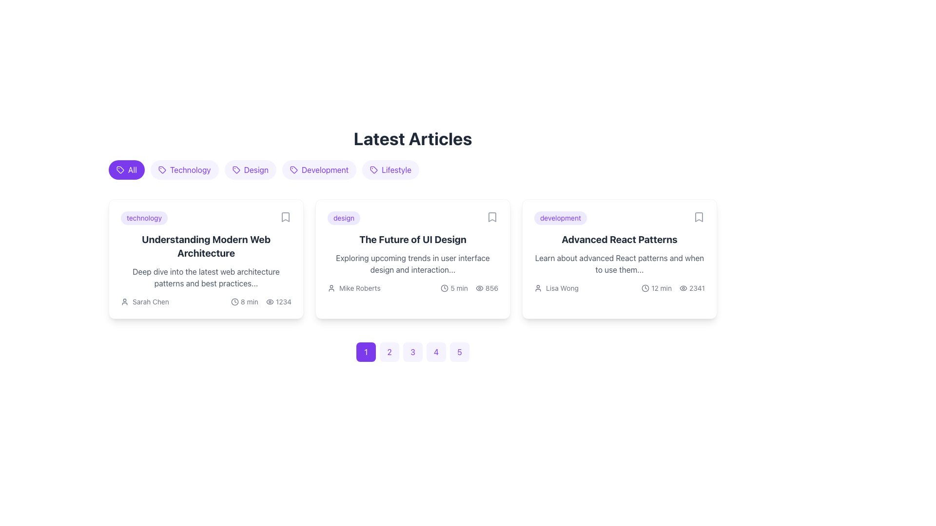  I want to click on the circular button with a violet background and the number '3' to observe its visual change, so click(412, 352).